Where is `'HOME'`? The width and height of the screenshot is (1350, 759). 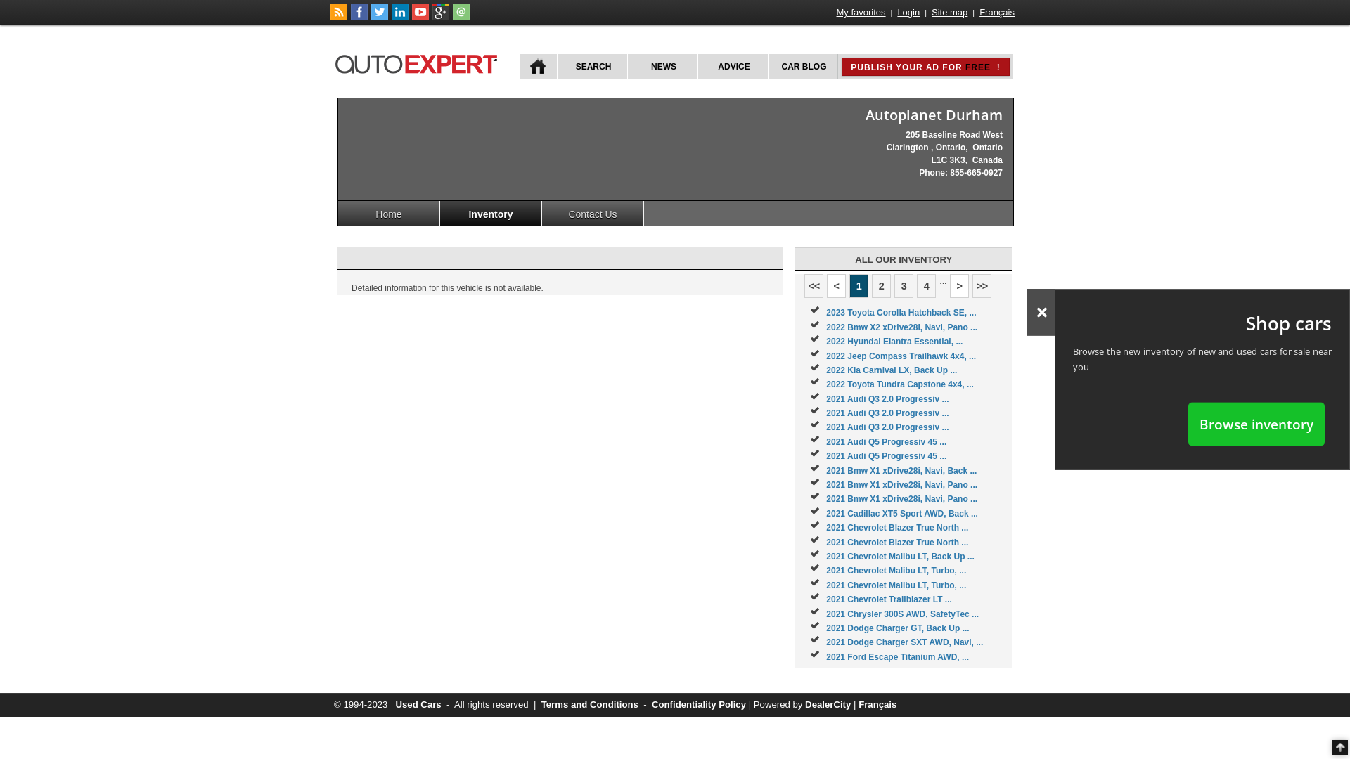
'HOME' is located at coordinates (519, 66).